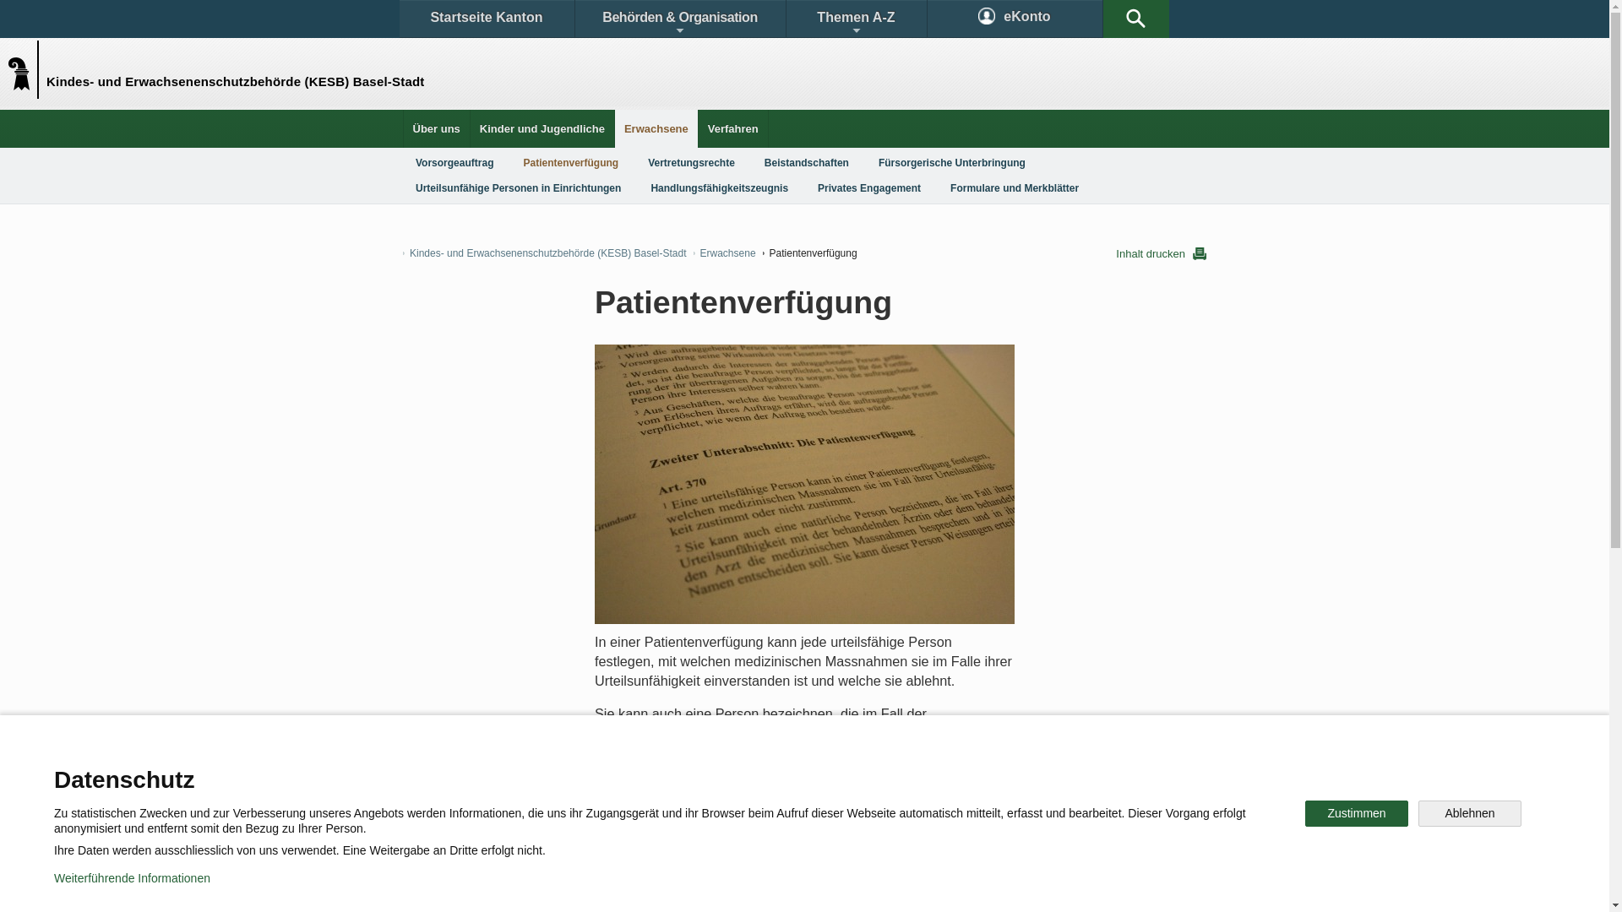 This screenshot has width=1622, height=912. I want to click on 'Ablehnen', so click(1418, 812).